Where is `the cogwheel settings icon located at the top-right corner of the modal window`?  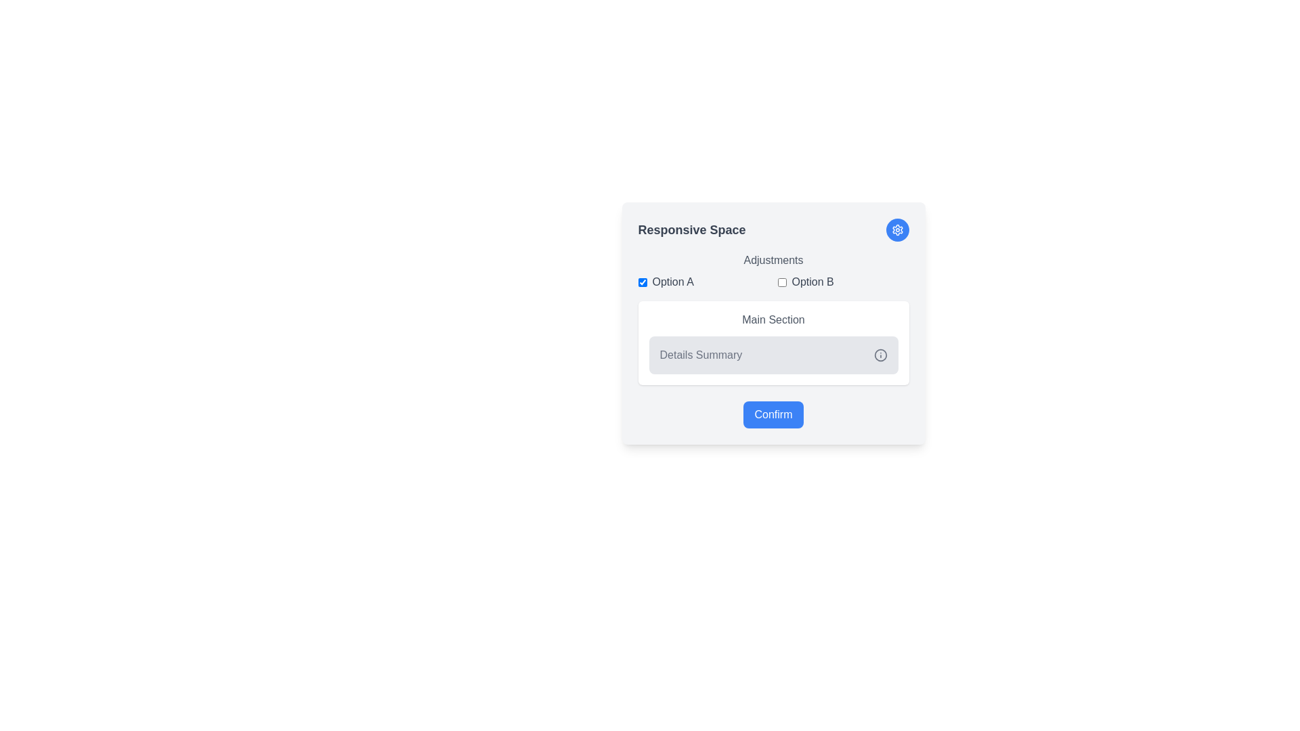
the cogwheel settings icon located at the top-right corner of the modal window is located at coordinates (897, 229).